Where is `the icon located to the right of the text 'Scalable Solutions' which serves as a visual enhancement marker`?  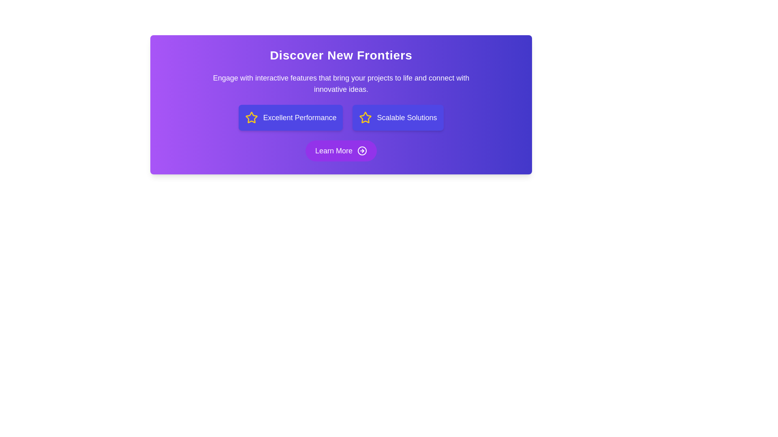
the icon located to the right of the text 'Scalable Solutions' which serves as a visual enhancement marker is located at coordinates (365, 117).